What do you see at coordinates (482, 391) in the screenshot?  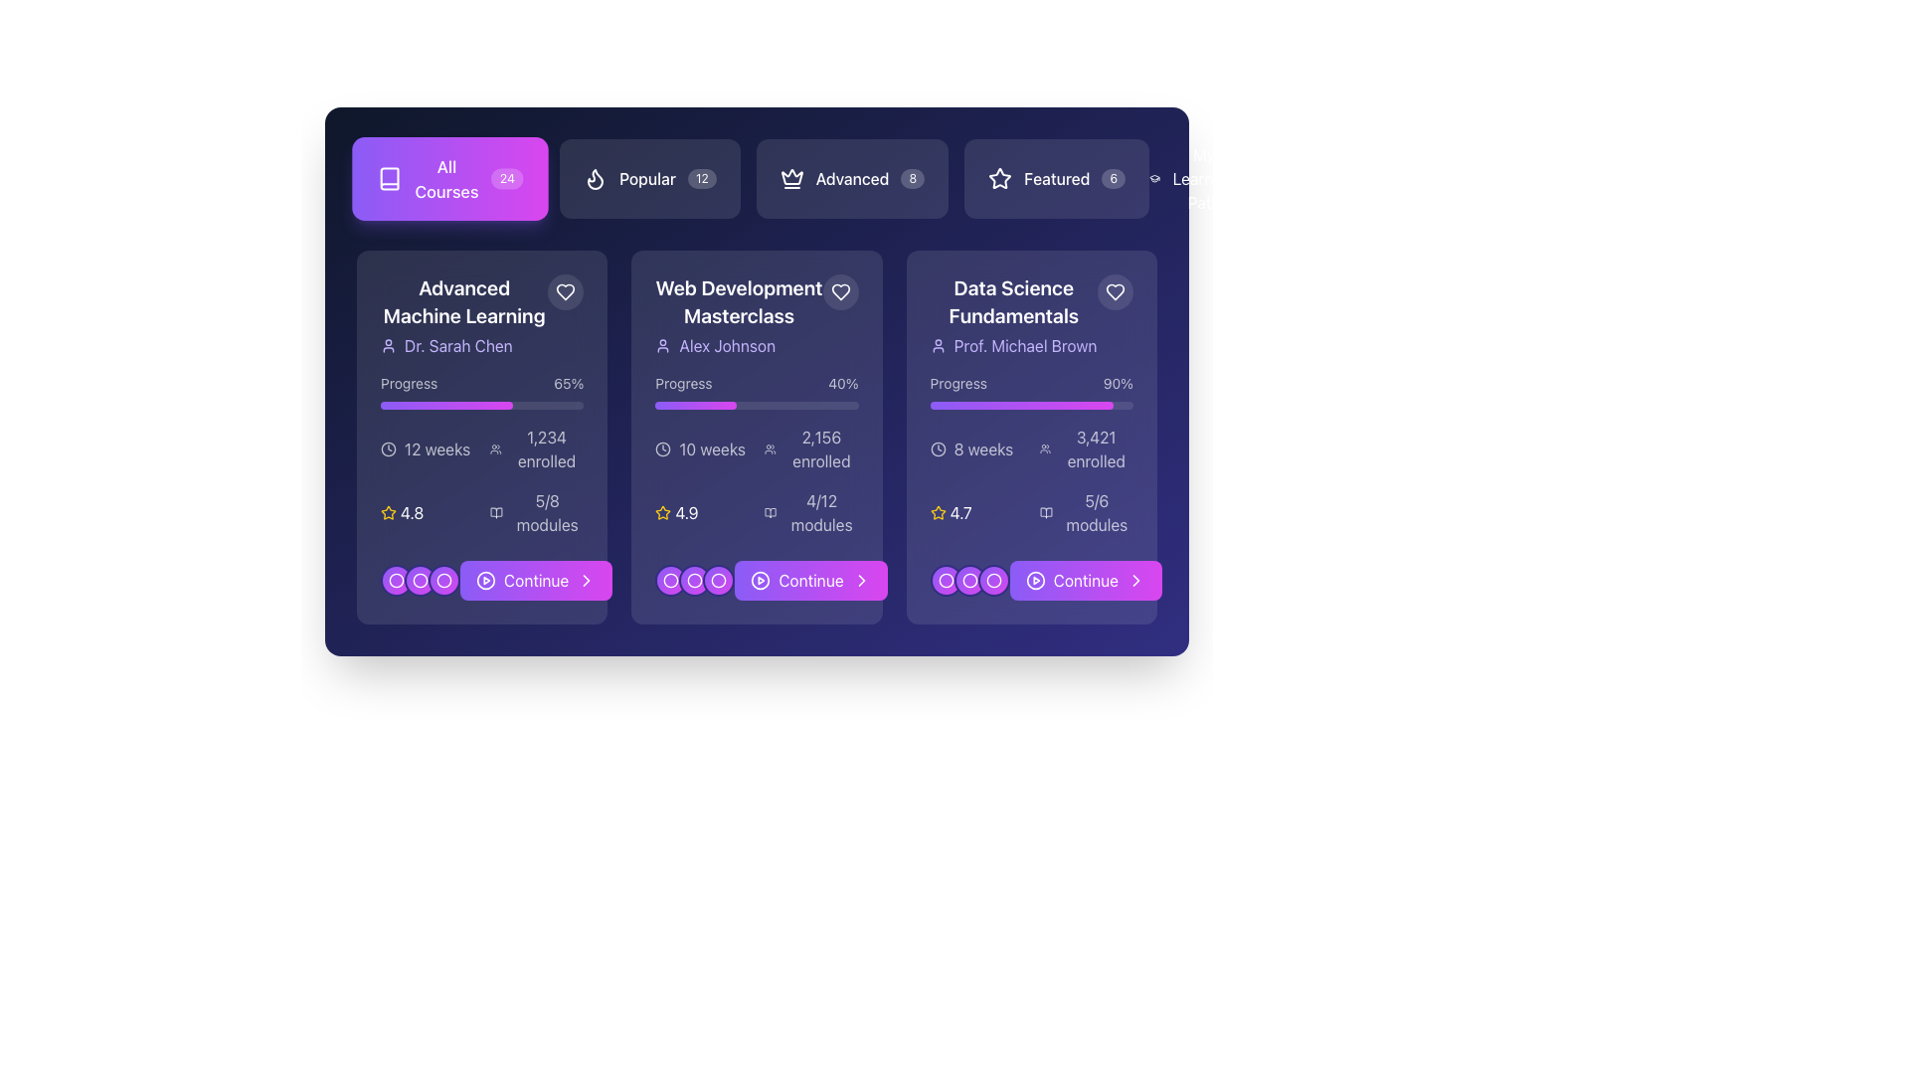 I see `text on the progress indicator which displays 'Progress' and '65%' on either side of the horizontal progress bar, located in the first card of the grid` at bounding box center [482, 391].